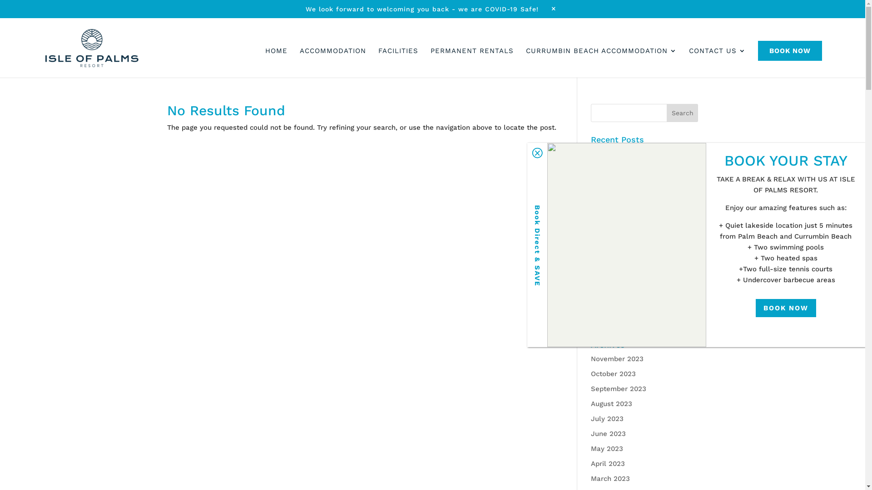 The width and height of the screenshot is (872, 490). Describe the element at coordinates (611, 403) in the screenshot. I see `'August 2023'` at that location.